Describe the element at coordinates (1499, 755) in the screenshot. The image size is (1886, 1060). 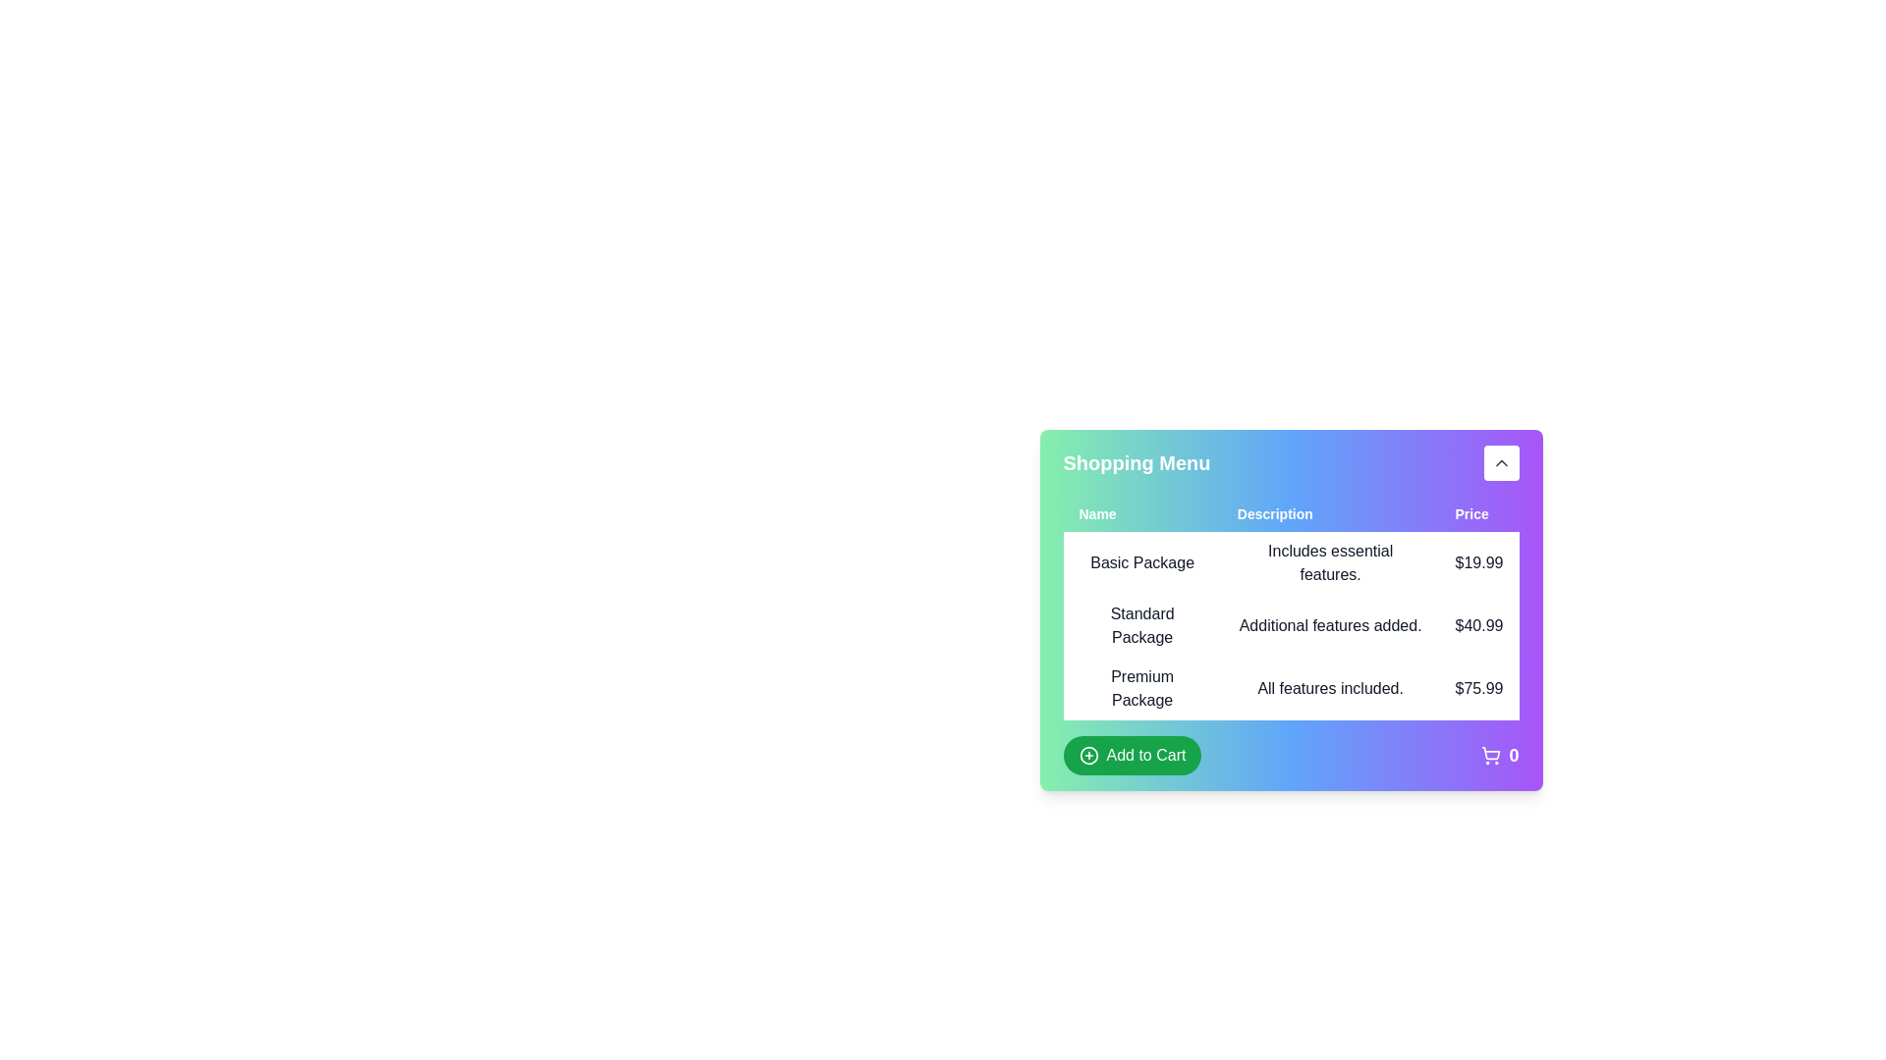
I see `the small shopping cart icon with a bold white number '0' on a purple background, located at the bottom-right corner of the visible card` at that location.